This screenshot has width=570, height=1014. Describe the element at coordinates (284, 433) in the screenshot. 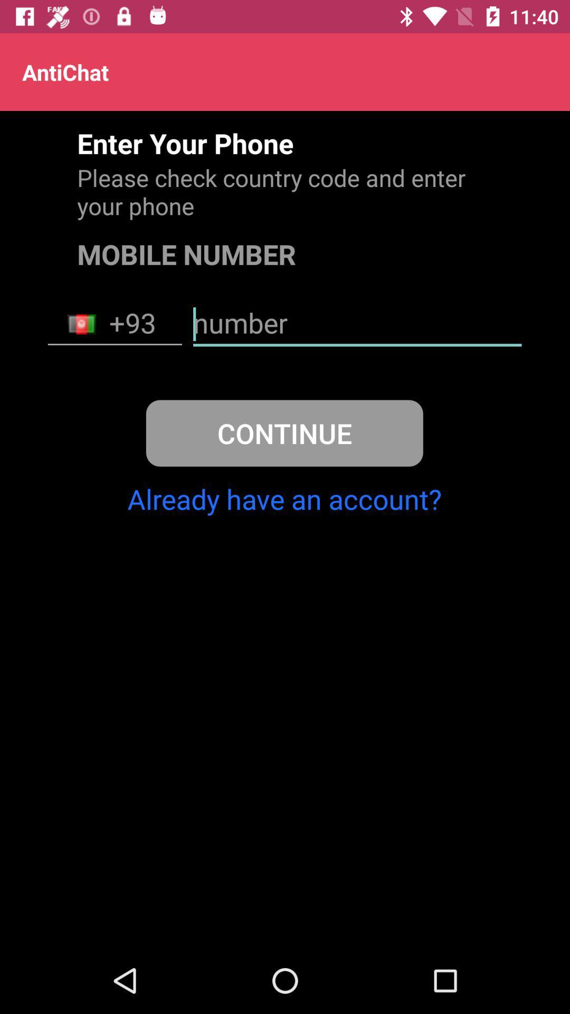

I see `continue icon` at that location.